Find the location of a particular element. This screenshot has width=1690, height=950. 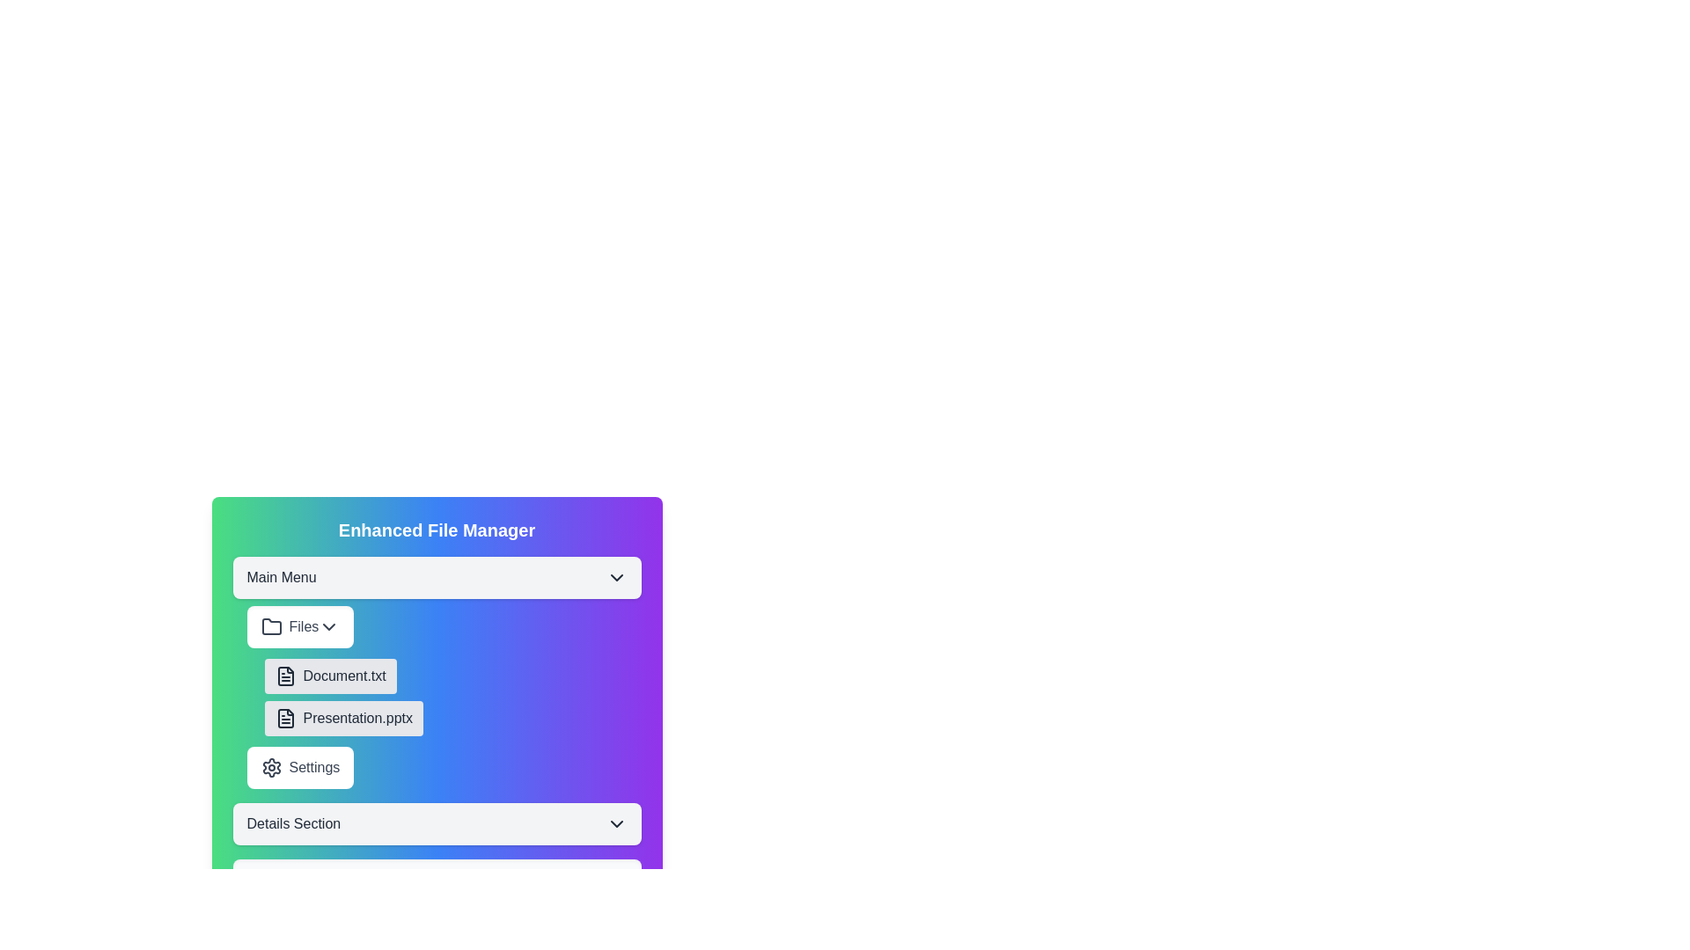

the cogwheel icon representing the settings feature, located in the lower section of the UI, directly beneath the 'Files' folder icon and above the 'Details Section' dropdown is located at coordinates (270, 766).